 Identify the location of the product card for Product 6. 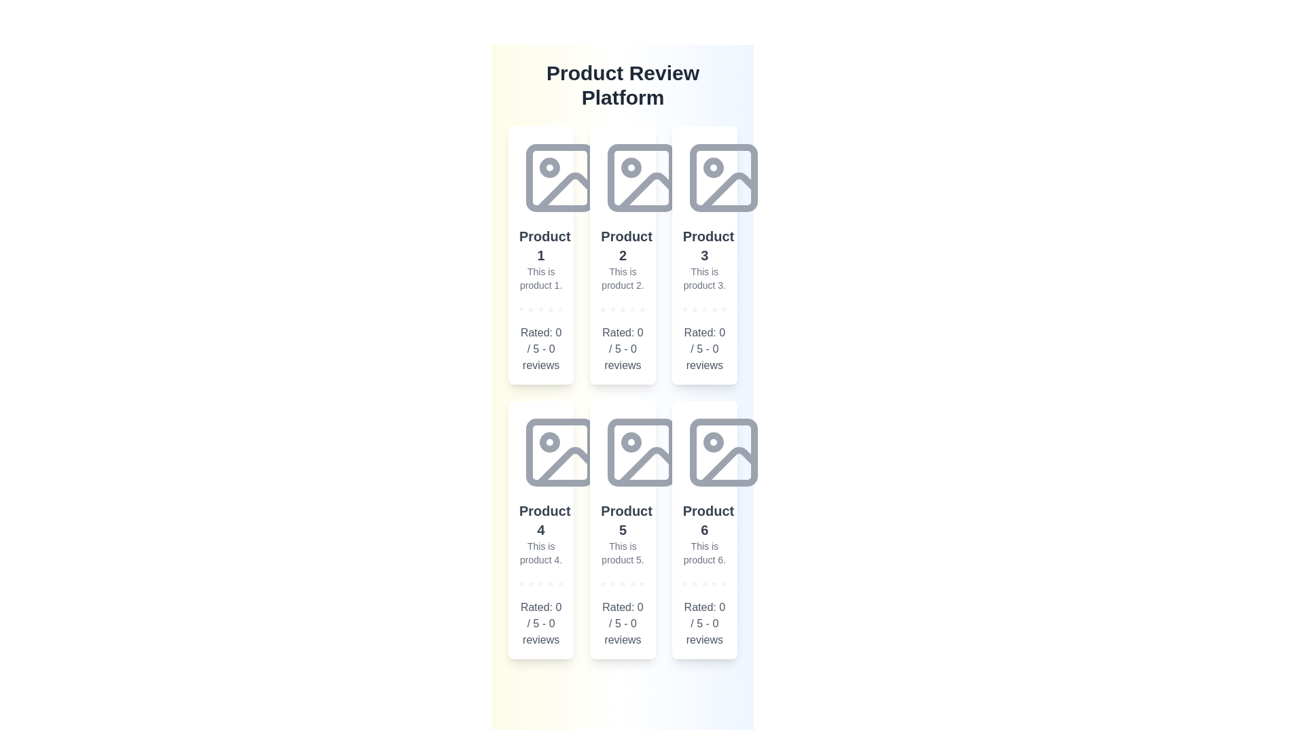
(704, 529).